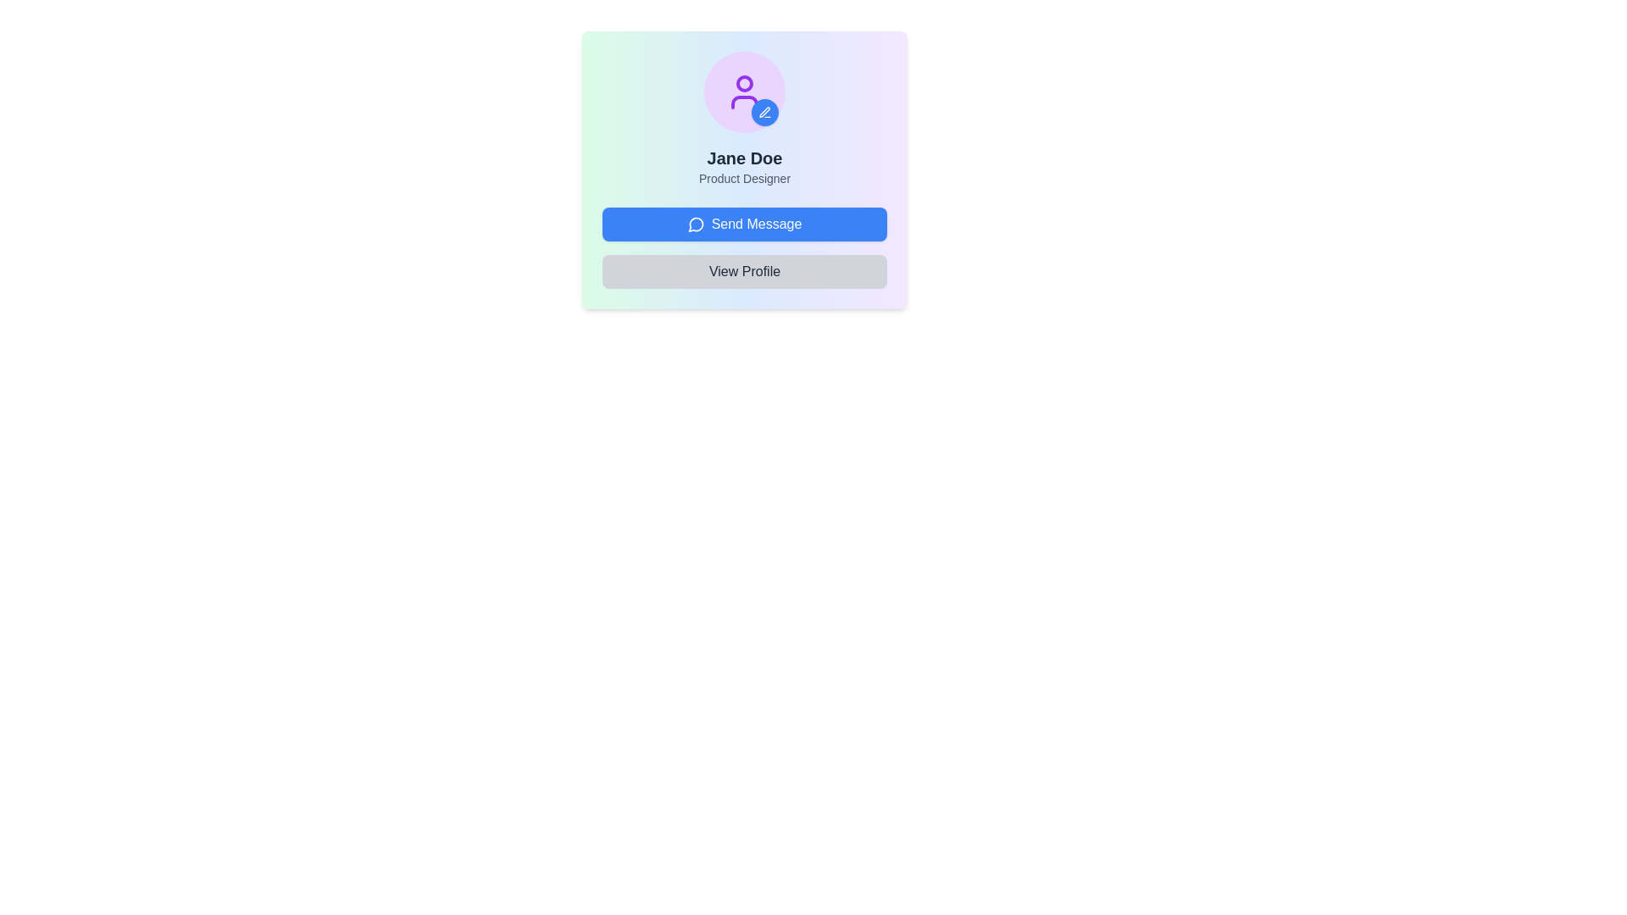 The width and height of the screenshot is (1627, 915). Describe the element at coordinates (744, 91) in the screenshot. I see `the edit button on the profile picture, which is represented by a smaller blue circular button with a pen icon located at the bottom right of the larger circular profile picture area` at that location.